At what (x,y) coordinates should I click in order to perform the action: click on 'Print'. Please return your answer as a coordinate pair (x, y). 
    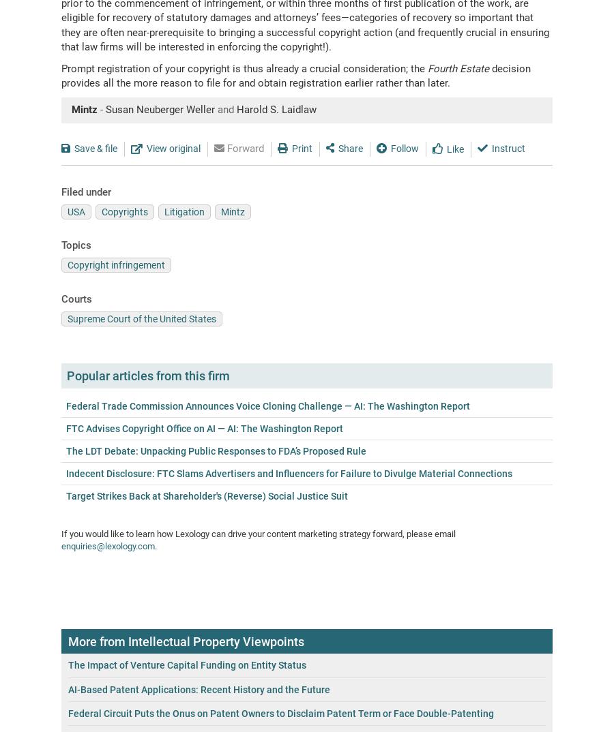
    Looking at the image, I should click on (302, 148).